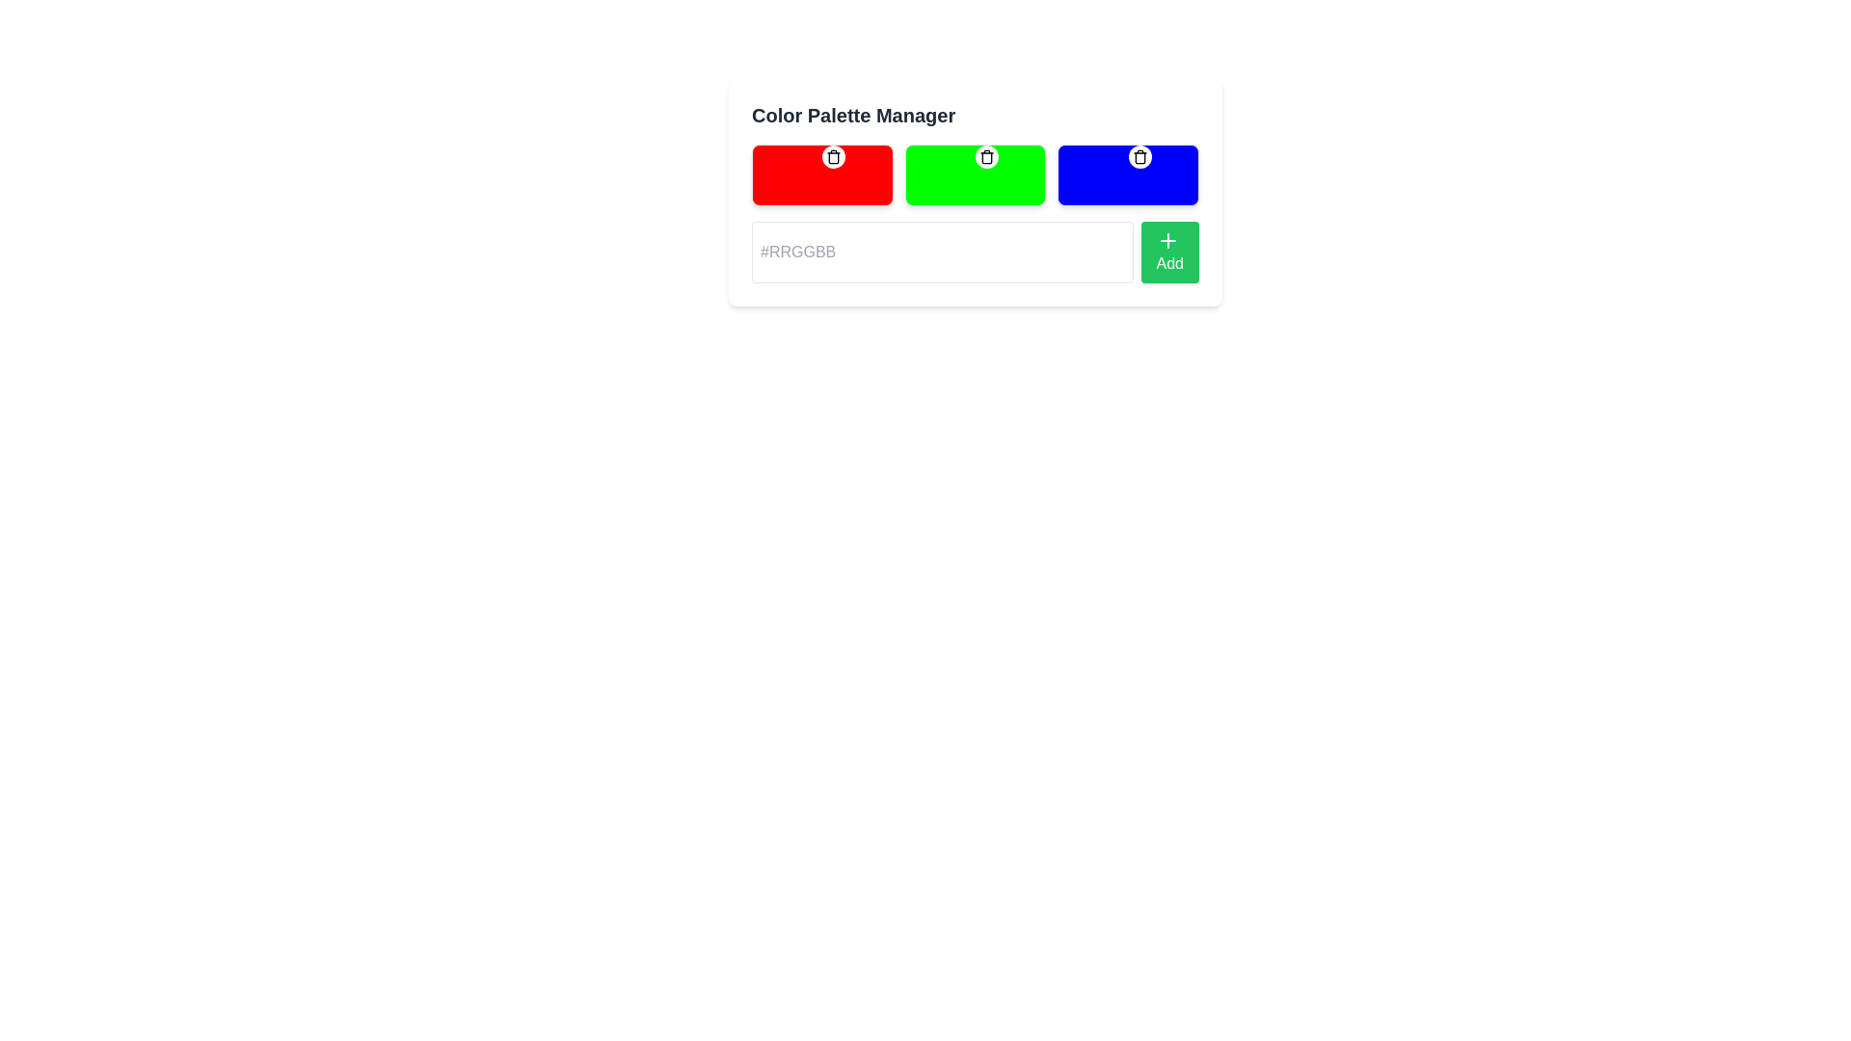 This screenshot has width=1851, height=1041. What do you see at coordinates (1140, 155) in the screenshot?
I see `the button located on the top right corner of the blue rectangular tile` at bounding box center [1140, 155].